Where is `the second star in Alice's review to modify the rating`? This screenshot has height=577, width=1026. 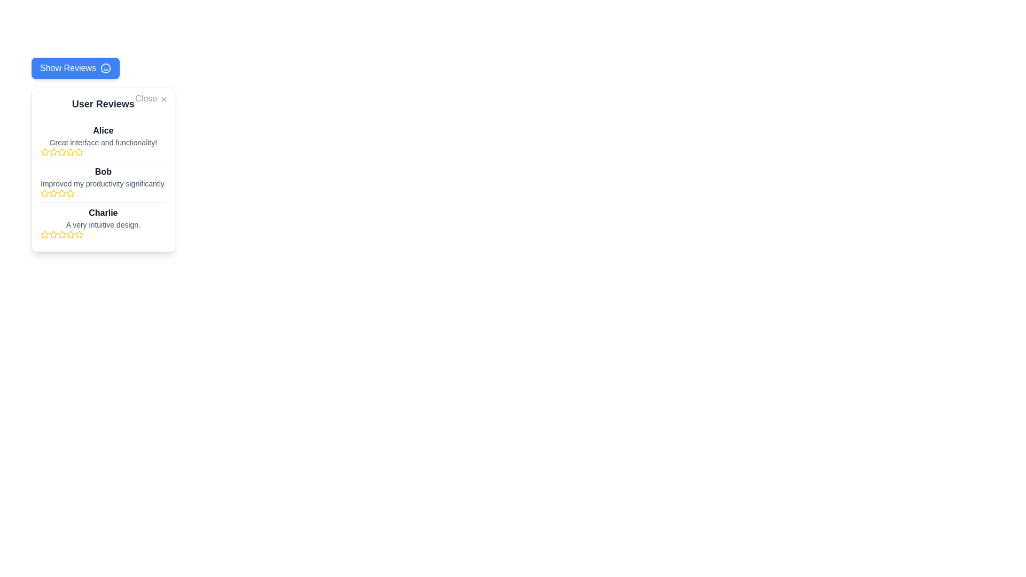 the second star in Alice's review to modify the rating is located at coordinates (79, 152).